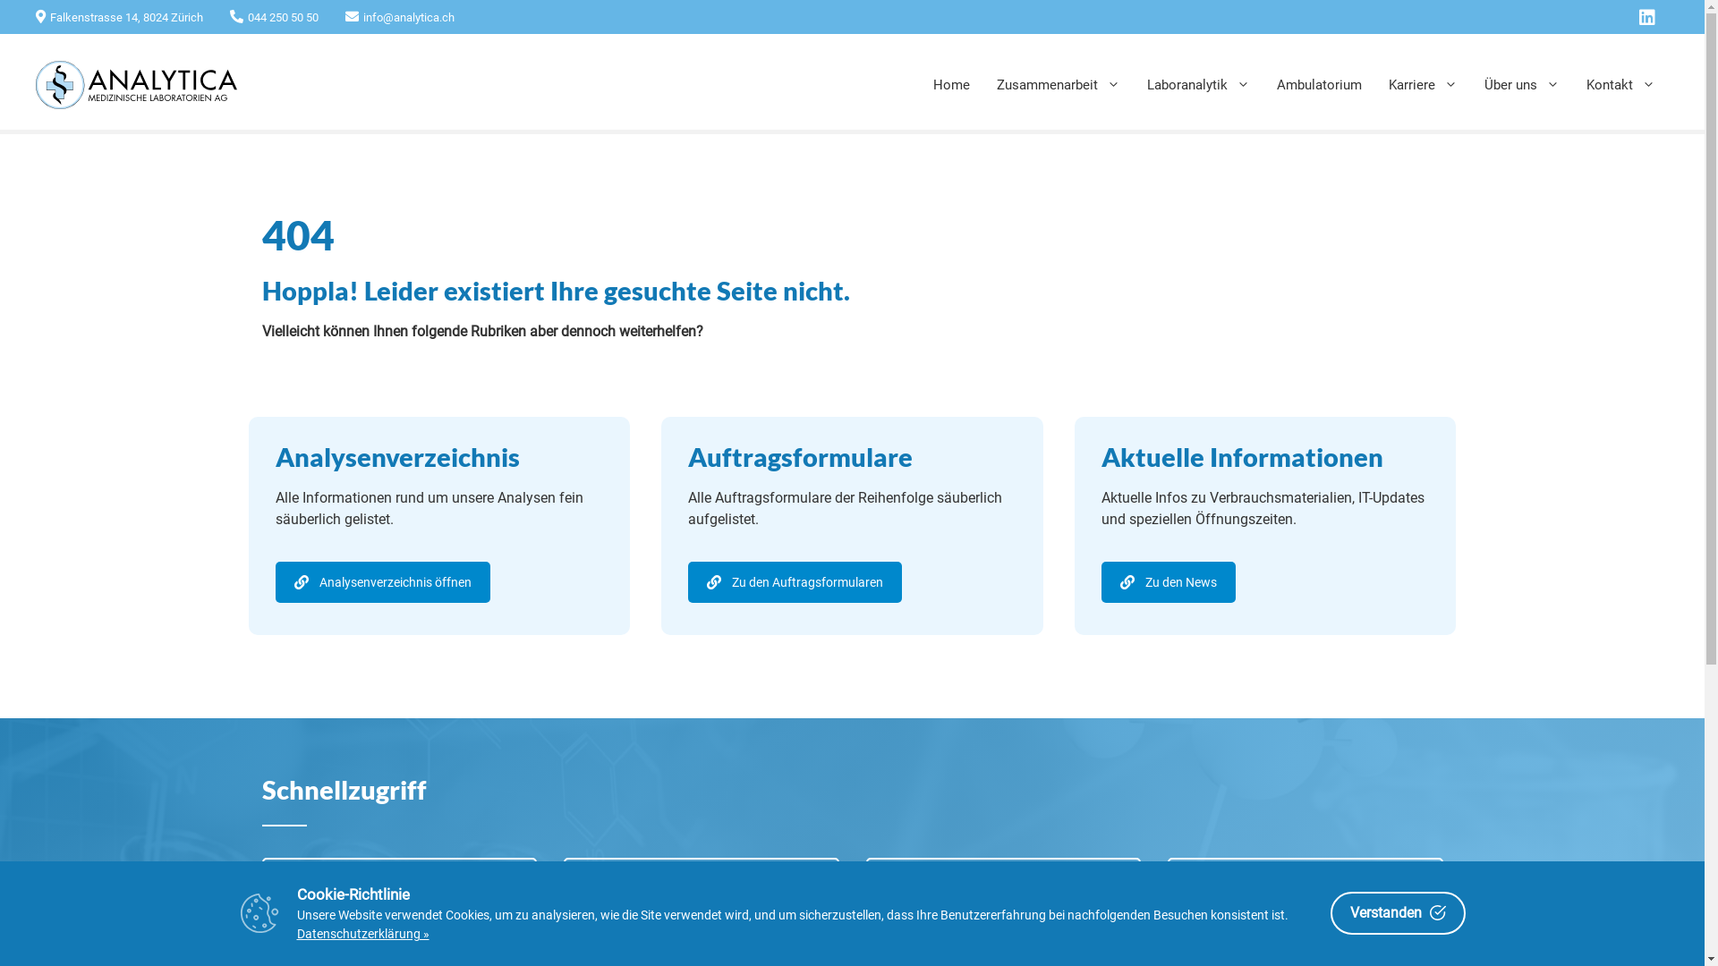 This screenshot has width=1718, height=966. What do you see at coordinates (1168, 582) in the screenshot?
I see `'Zu den News'` at bounding box center [1168, 582].